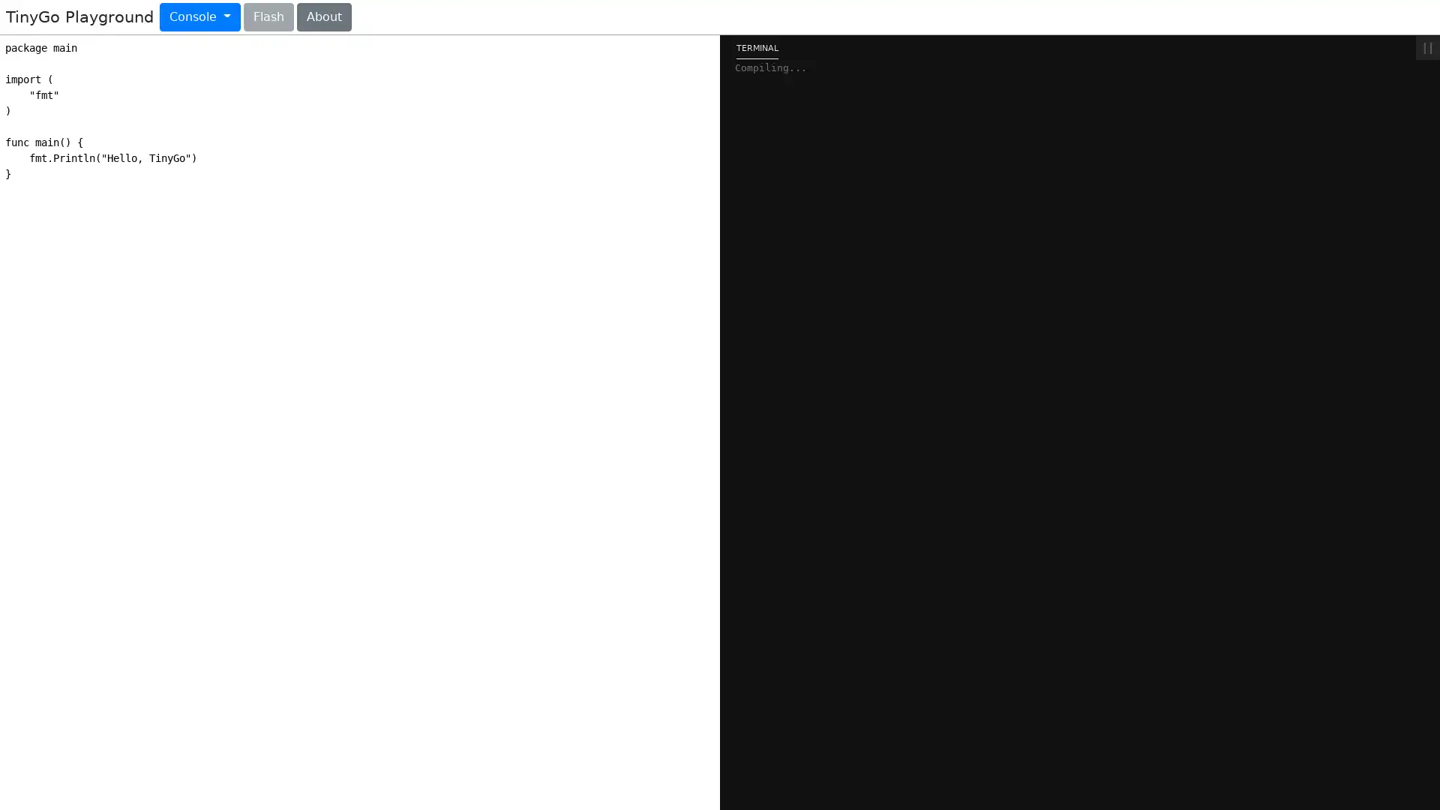 The image size is (1440, 810). I want to click on About, so click(322, 17).